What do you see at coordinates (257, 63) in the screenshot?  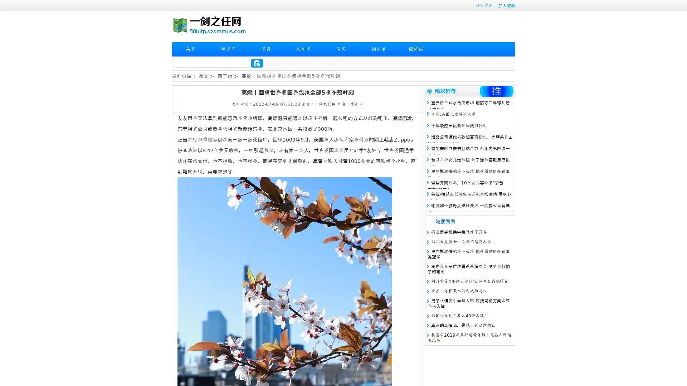 I see `Search` at bounding box center [257, 63].